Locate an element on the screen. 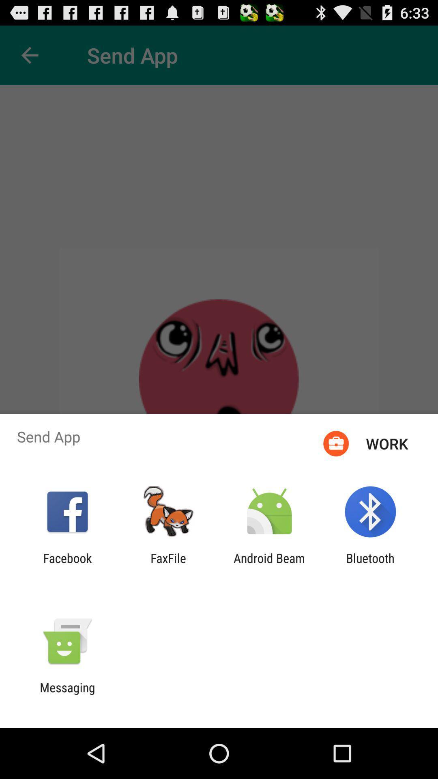 The image size is (438, 779). the facebook is located at coordinates (67, 565).